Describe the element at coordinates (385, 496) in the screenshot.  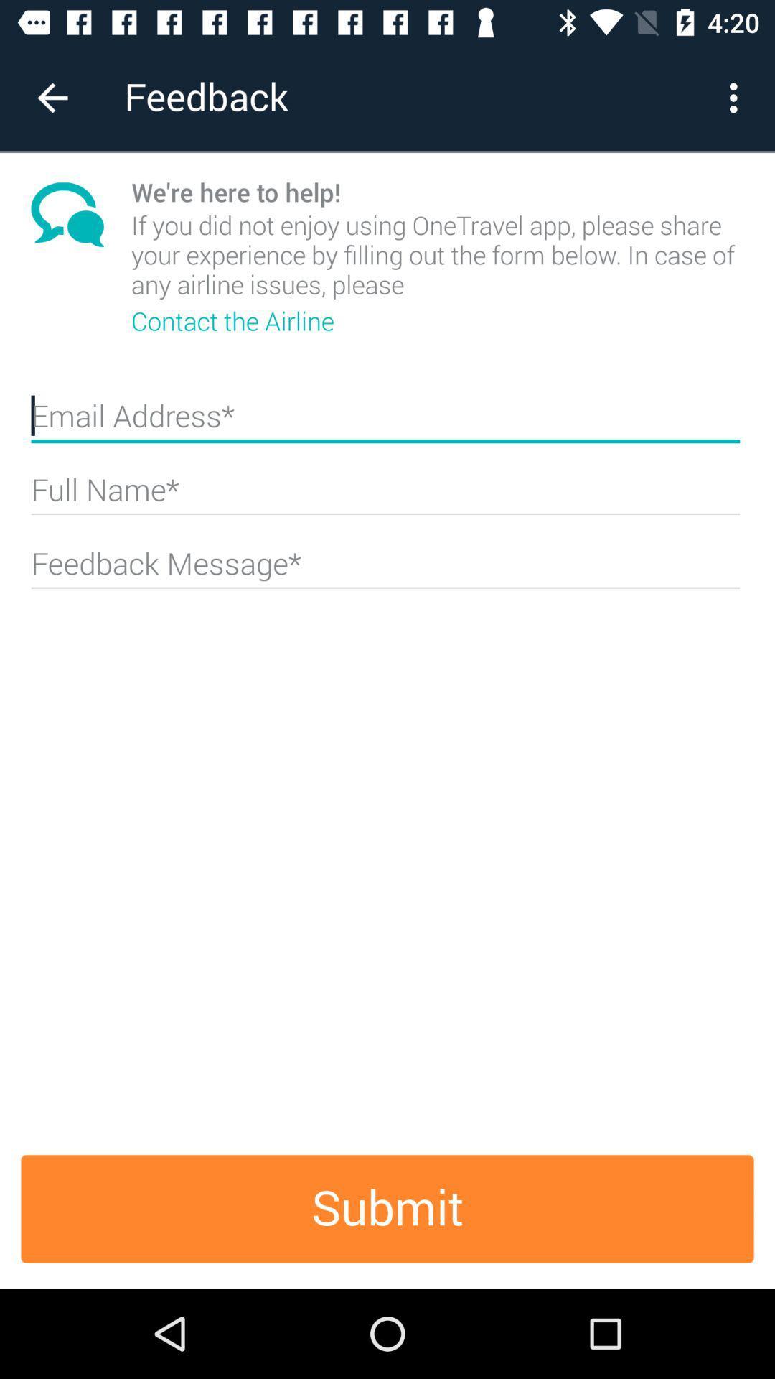
I see `fill in name` at that location.